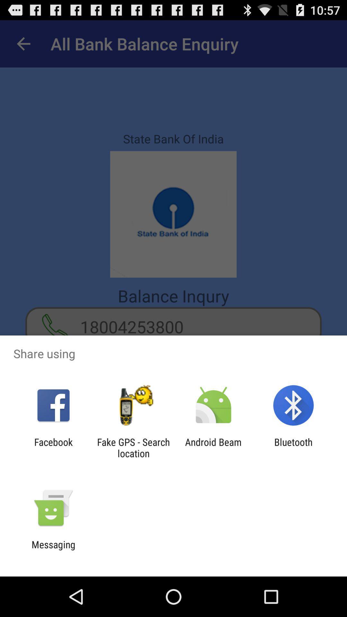 Image resolution: width=347 pixels, height=617 pixels. What do you see at coordinates (293, 447) in the screenshot?
I see `the bluetooth icon` at bounding box center [293, 447].